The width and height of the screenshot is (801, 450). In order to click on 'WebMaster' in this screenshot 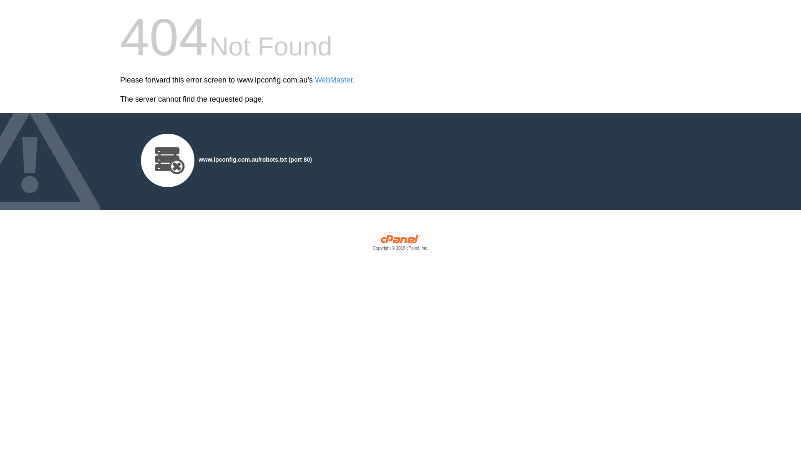, I will do `click(334, 80)`.